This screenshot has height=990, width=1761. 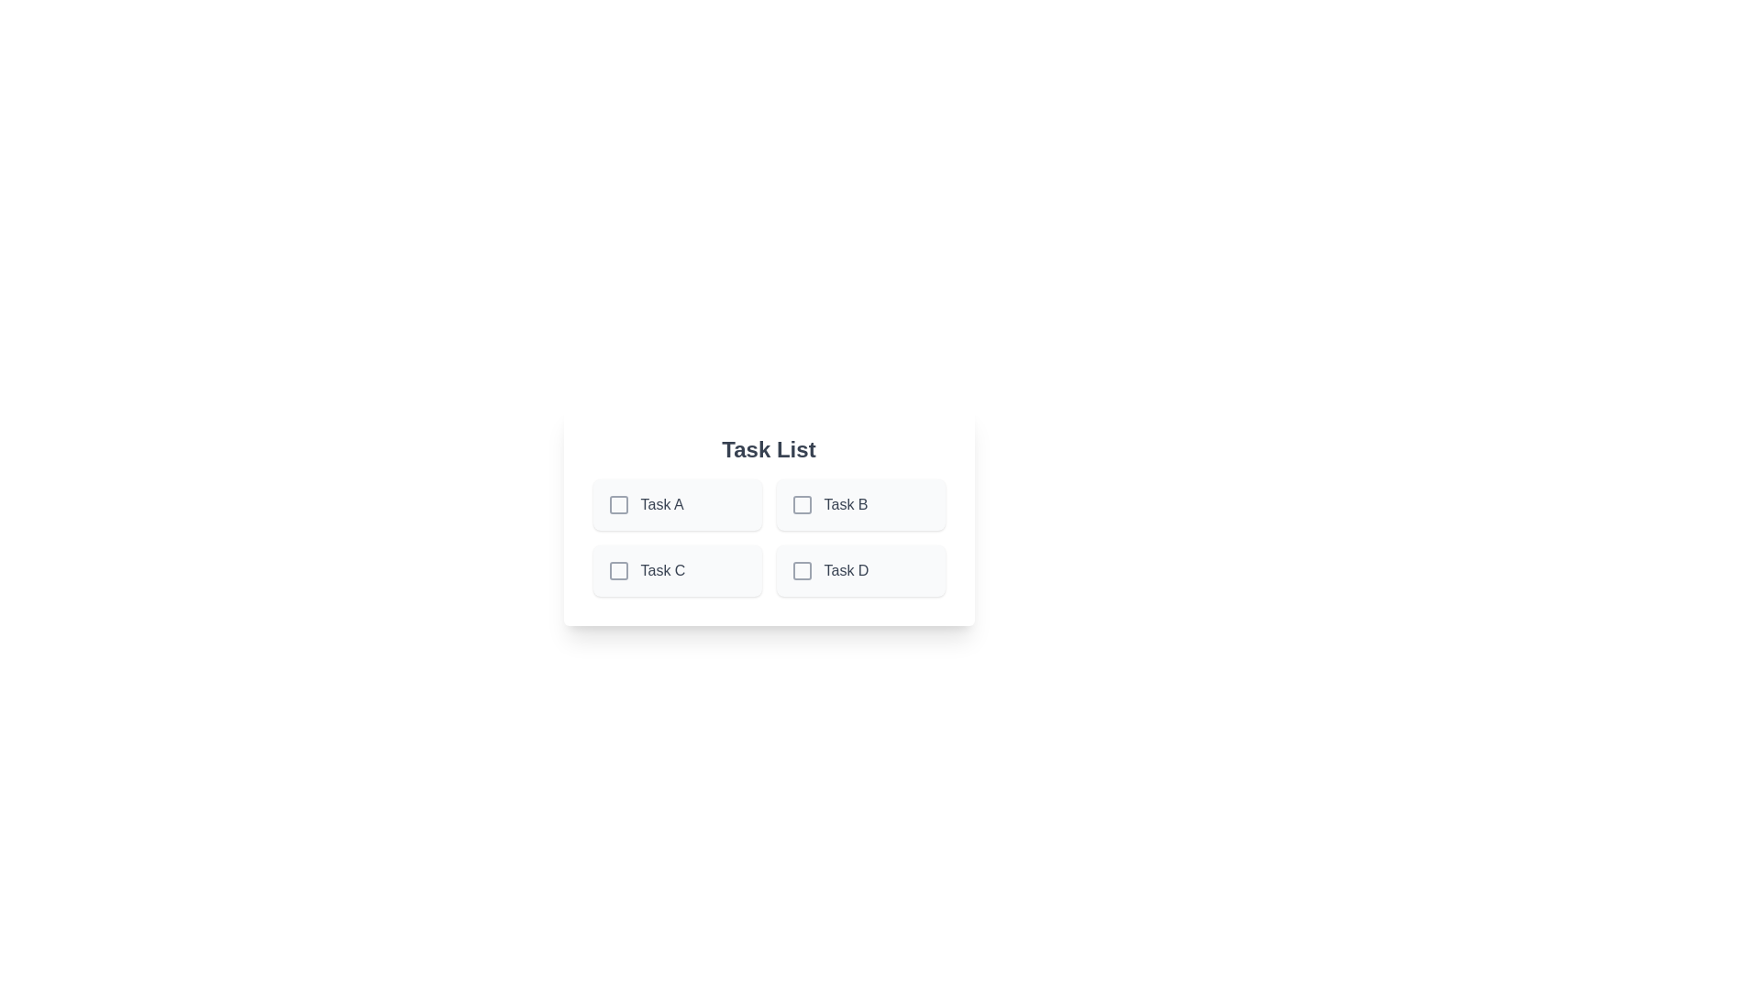 What do you see at coordinates (802, 505) in the screenshot?
I see `the task Task B by clicking on its checkbox` at bounding box center [802, 505].